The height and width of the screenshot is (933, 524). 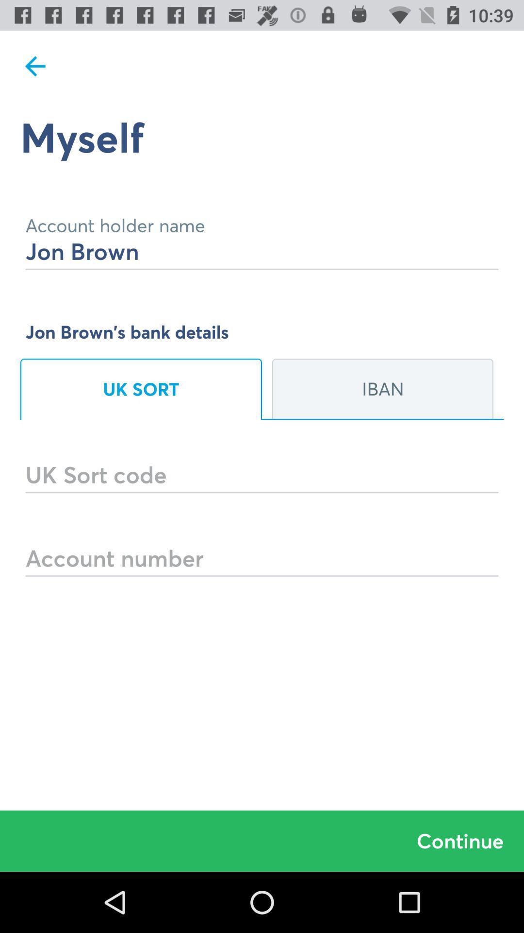 What do you see at coordinates (141, 389) in the screenshot?
I see `item to the left of iban` at bounding box center [141, 389].